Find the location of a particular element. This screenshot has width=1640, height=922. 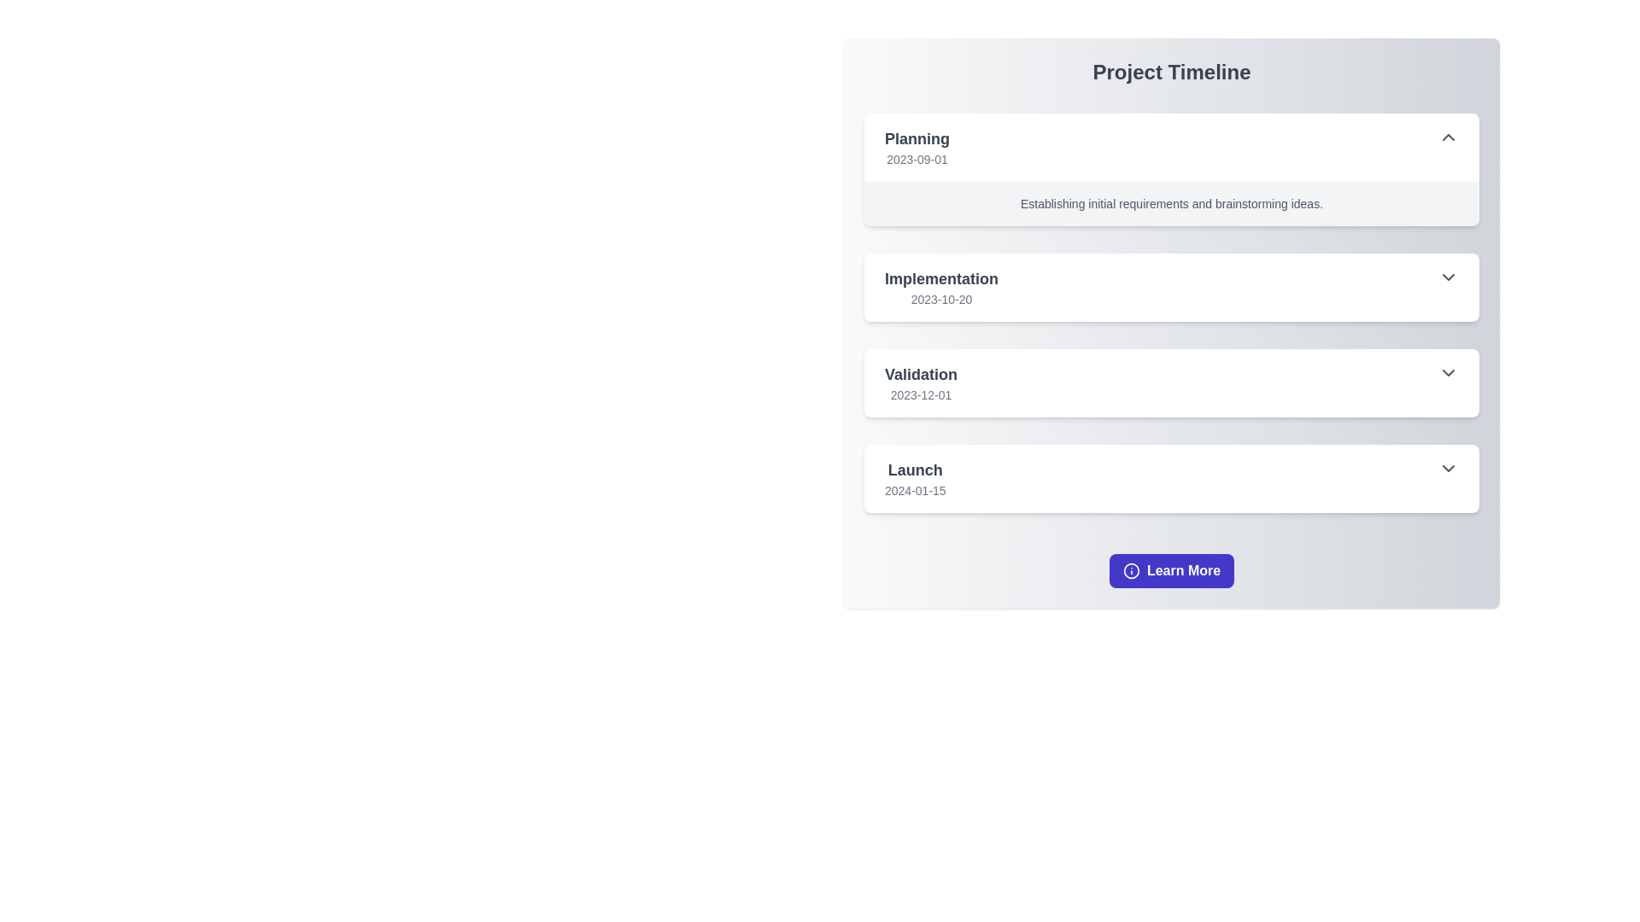

the 'Planning' text label, which is displayed in bold, large dark gray font at the beginning of the 'Project Timeline' segment is located at coordinates (917, 137).